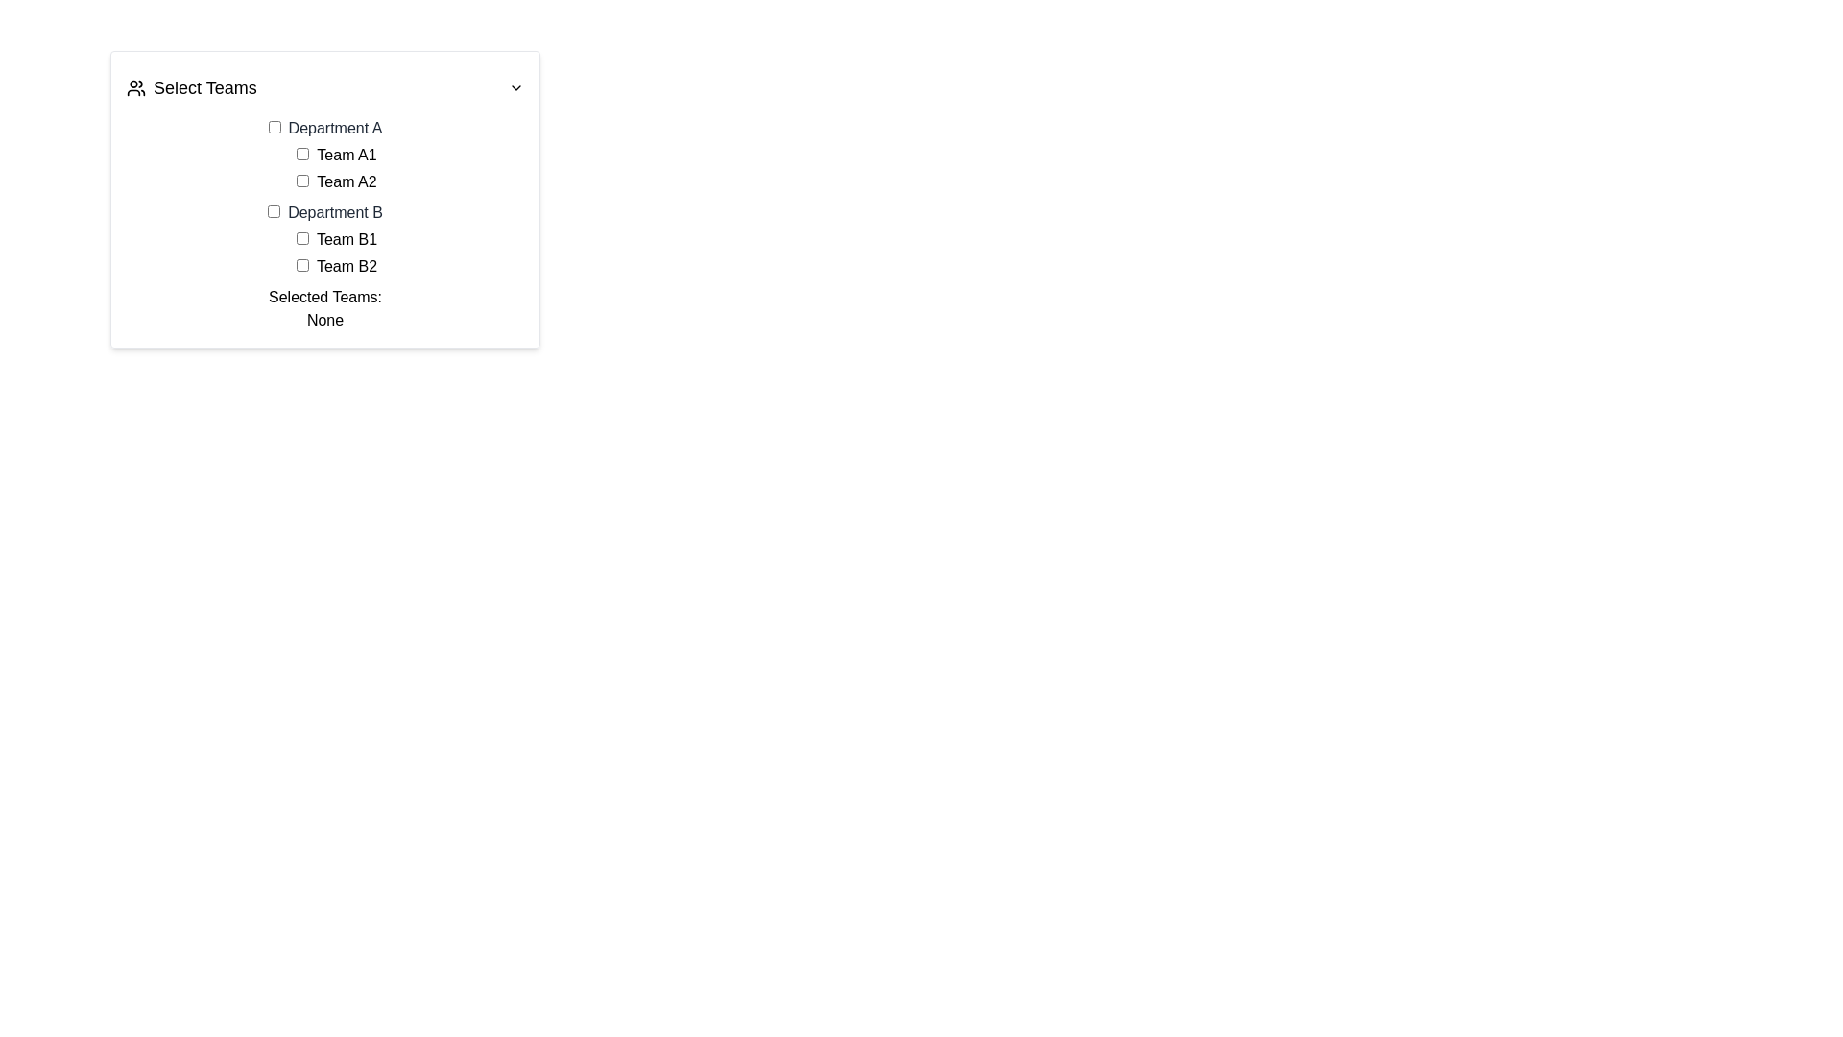 The width and height of the screenshot is (1843, 1037). I want to click on the group of people icon, which is a line-art styled vector icon located to the left of the 'Select Teams' text, so click(135, 88).